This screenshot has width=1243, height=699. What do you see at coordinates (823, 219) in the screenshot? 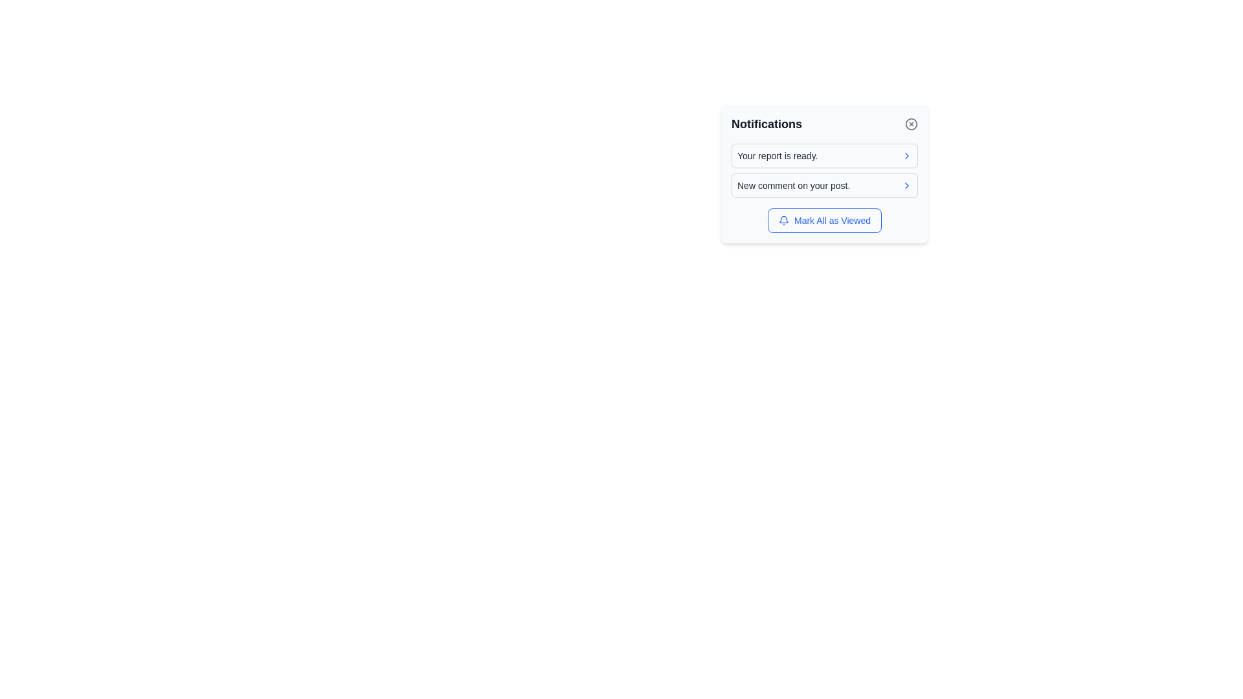
I see `the button located at the bottom of the notification panel to mark all notifications as viewed` at bounding box center [823, 219].